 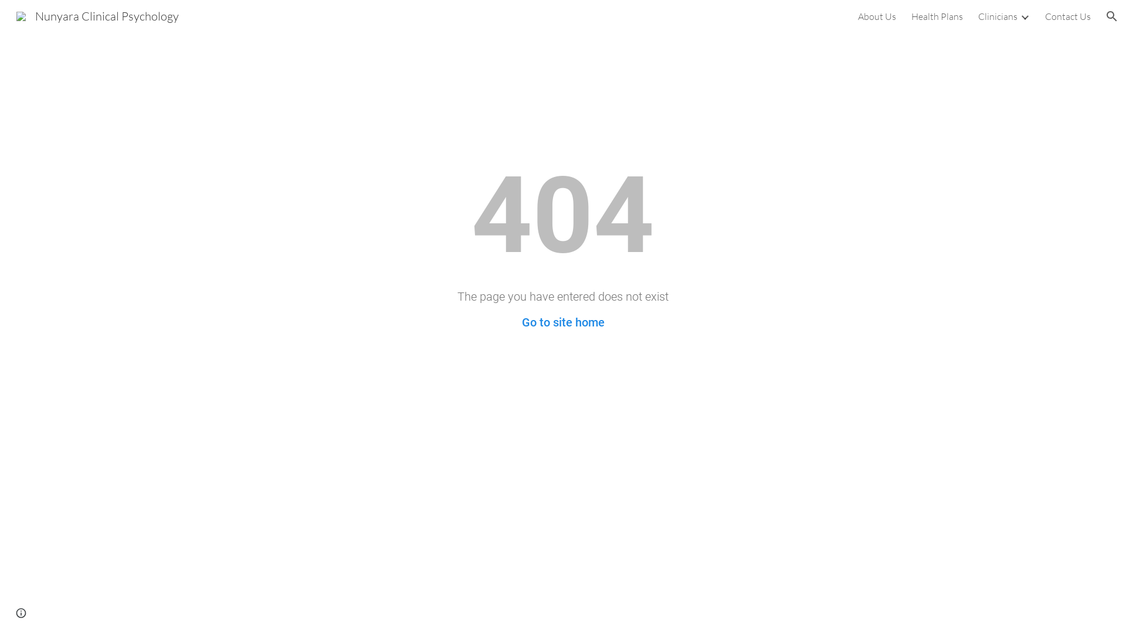 What do you see at coordinates (97, 15) in the screenshot?
I see `'Nunyara Clinical Psychology'` at bounding box center [97, 15].